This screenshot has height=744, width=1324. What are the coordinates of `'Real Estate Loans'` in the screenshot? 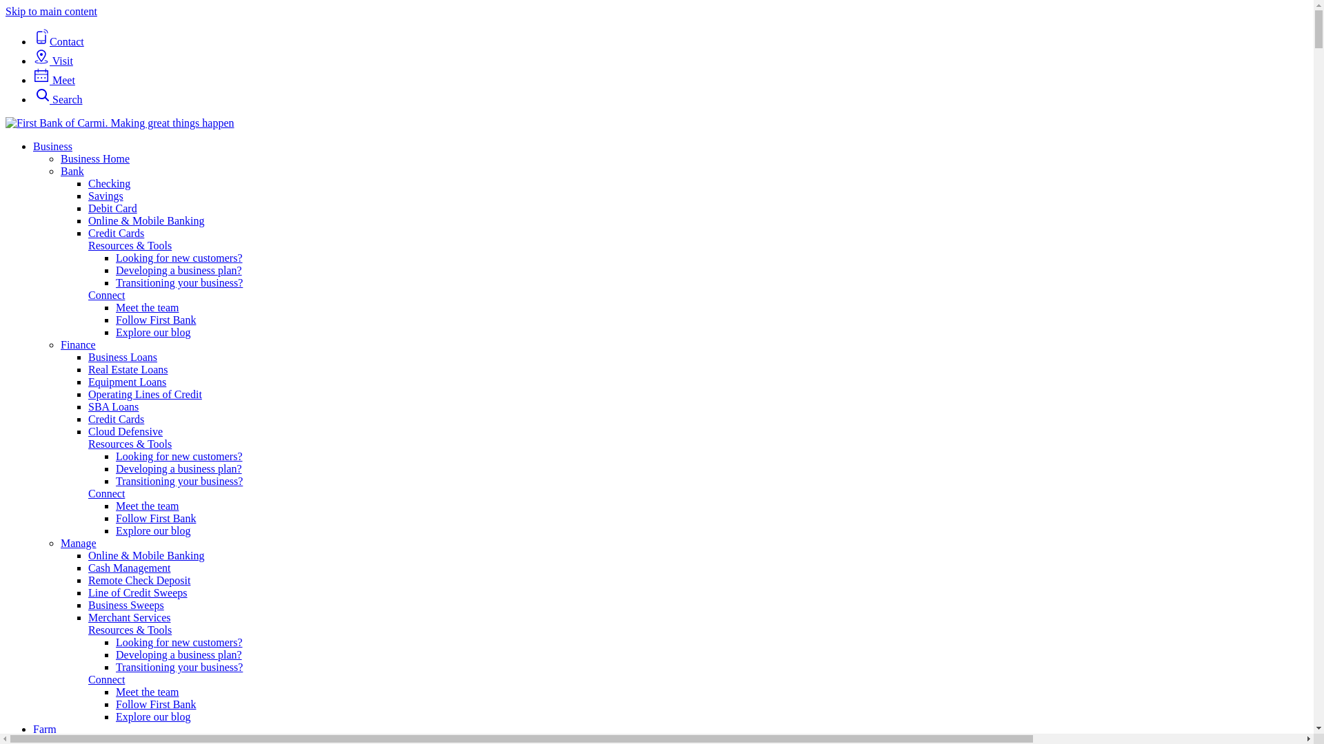 It's located at (128, 369).